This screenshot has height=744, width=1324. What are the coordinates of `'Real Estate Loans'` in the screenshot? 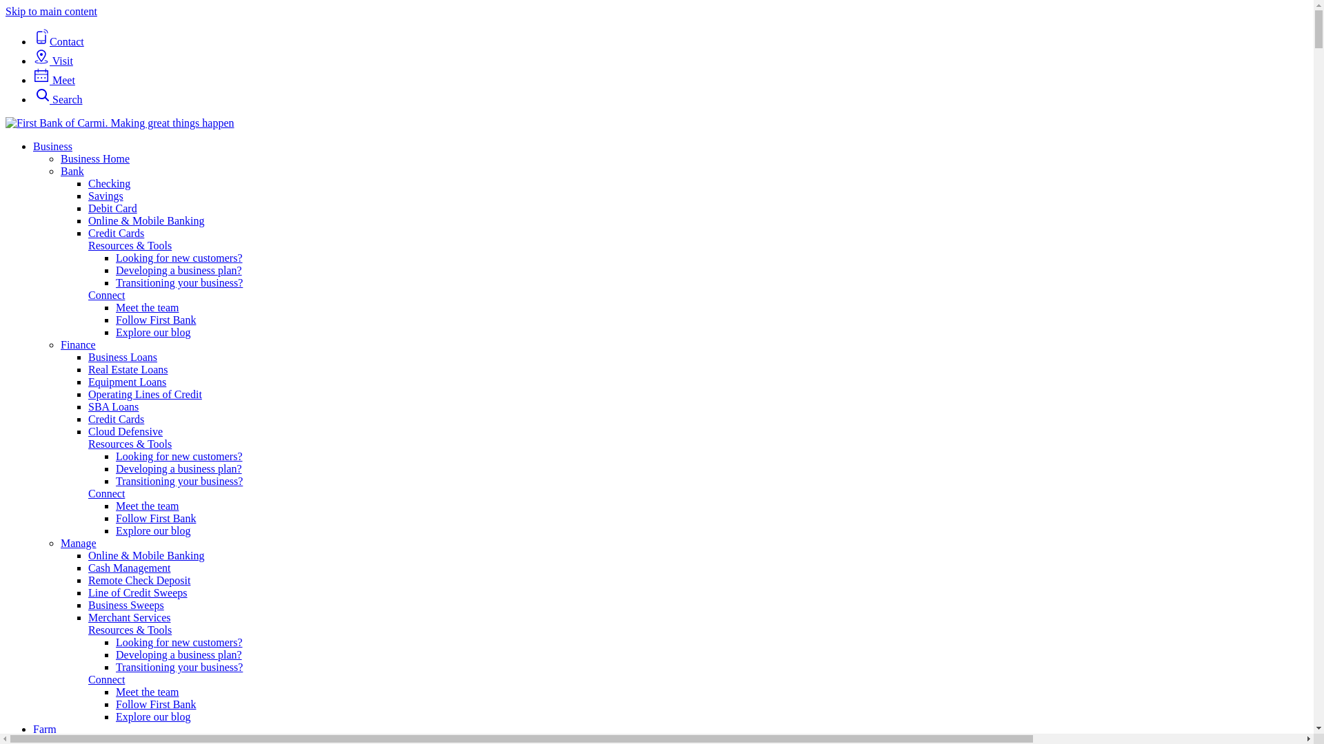 It's located at (128, 369).